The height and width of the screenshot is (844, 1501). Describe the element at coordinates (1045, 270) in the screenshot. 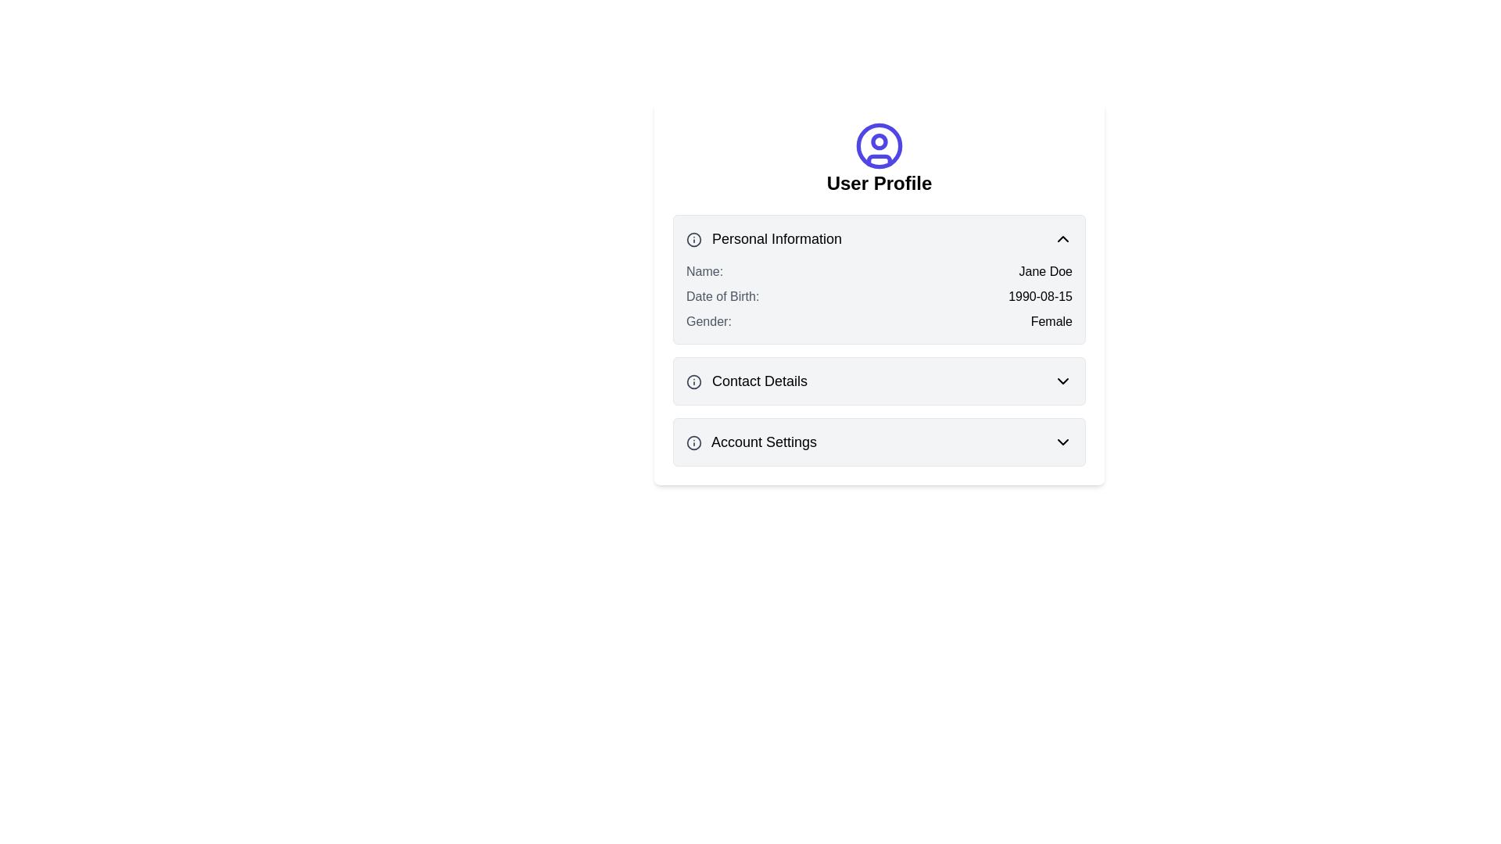

I see `the text display showing 'Jane Doe' in the 'Personal Information' section, which is positioned to the right of the label 'Name:'` at that location.